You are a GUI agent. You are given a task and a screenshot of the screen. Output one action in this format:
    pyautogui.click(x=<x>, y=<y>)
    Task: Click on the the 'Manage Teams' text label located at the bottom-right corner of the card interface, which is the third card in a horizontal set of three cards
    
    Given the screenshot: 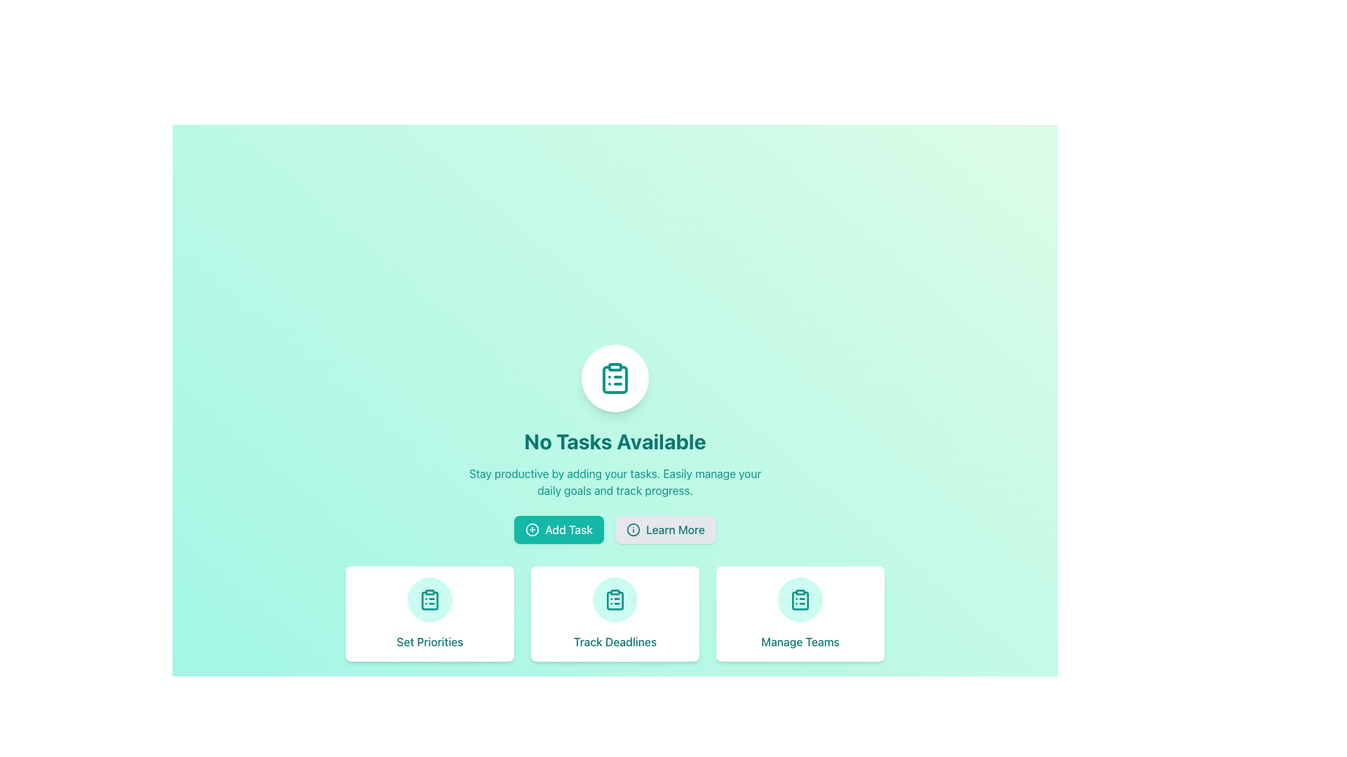 What is the action you would take?
    pyautogui.click(x=800, y=641)
    